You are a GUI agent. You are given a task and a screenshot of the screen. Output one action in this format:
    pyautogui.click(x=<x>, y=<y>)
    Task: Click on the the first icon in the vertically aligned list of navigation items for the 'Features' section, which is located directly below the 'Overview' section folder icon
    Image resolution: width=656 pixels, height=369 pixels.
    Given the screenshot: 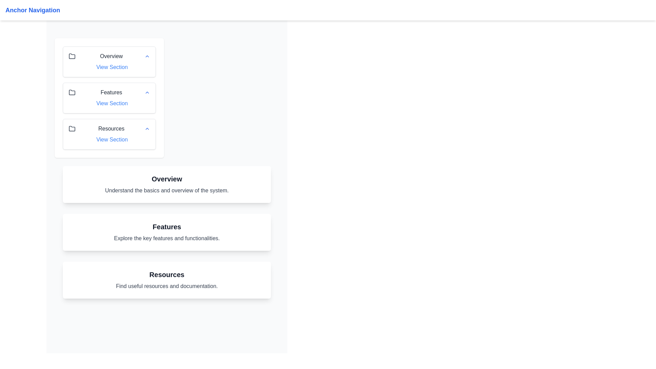 What is the action you would take?
    pyautogui.click(x=72, y=92)
    